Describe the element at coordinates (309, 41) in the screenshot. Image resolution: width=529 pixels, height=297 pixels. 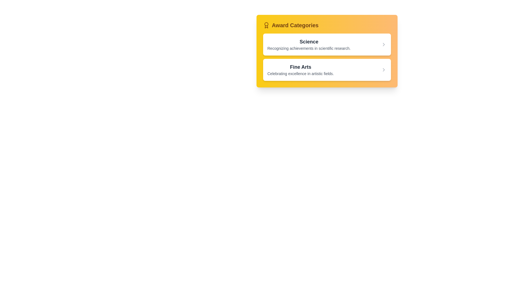
I see `prominently styled text displaying the word 'Science' in a bold and large font, which serves as the title for a section describing achievements in scientific research` at that location.